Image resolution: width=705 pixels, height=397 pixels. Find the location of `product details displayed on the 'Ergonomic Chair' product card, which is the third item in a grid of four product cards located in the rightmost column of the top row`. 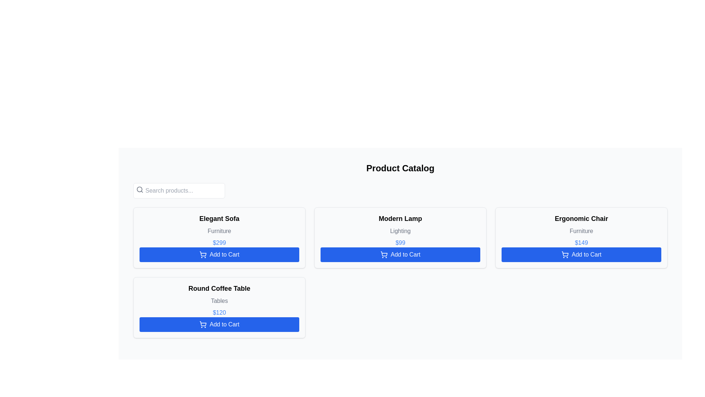

product details displayed on the 'Ergonomic Chair' product card, which is the third item in a grid of four product cards located in the rightmost column of the top row is located at coordinates (581, 238).